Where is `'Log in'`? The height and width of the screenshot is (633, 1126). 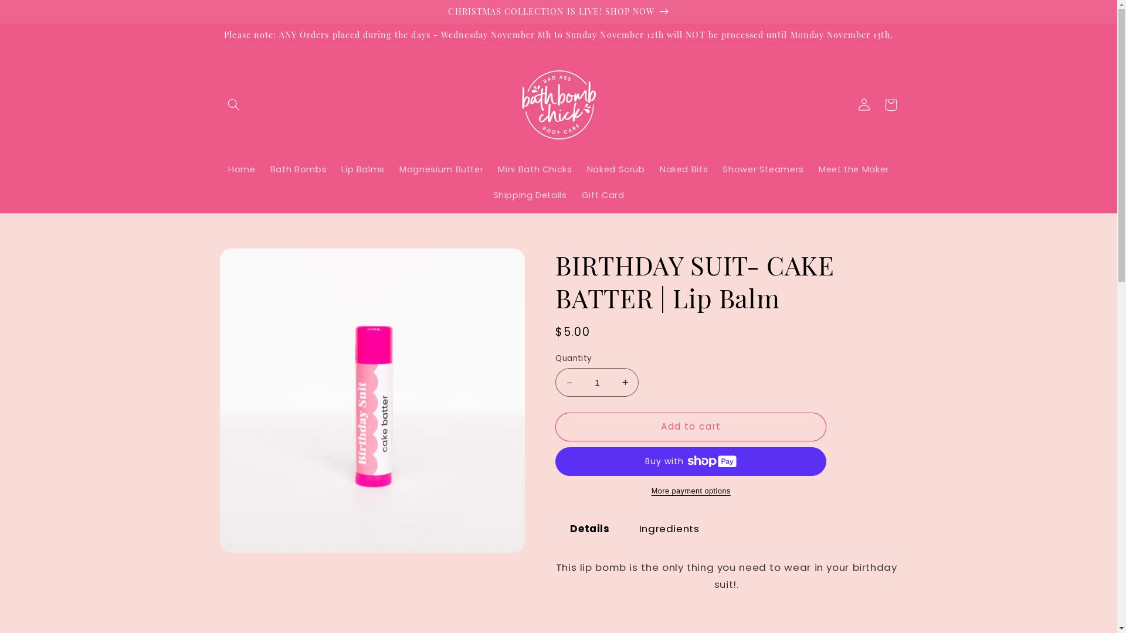
'Log in' is located at coordinates (864, 104).